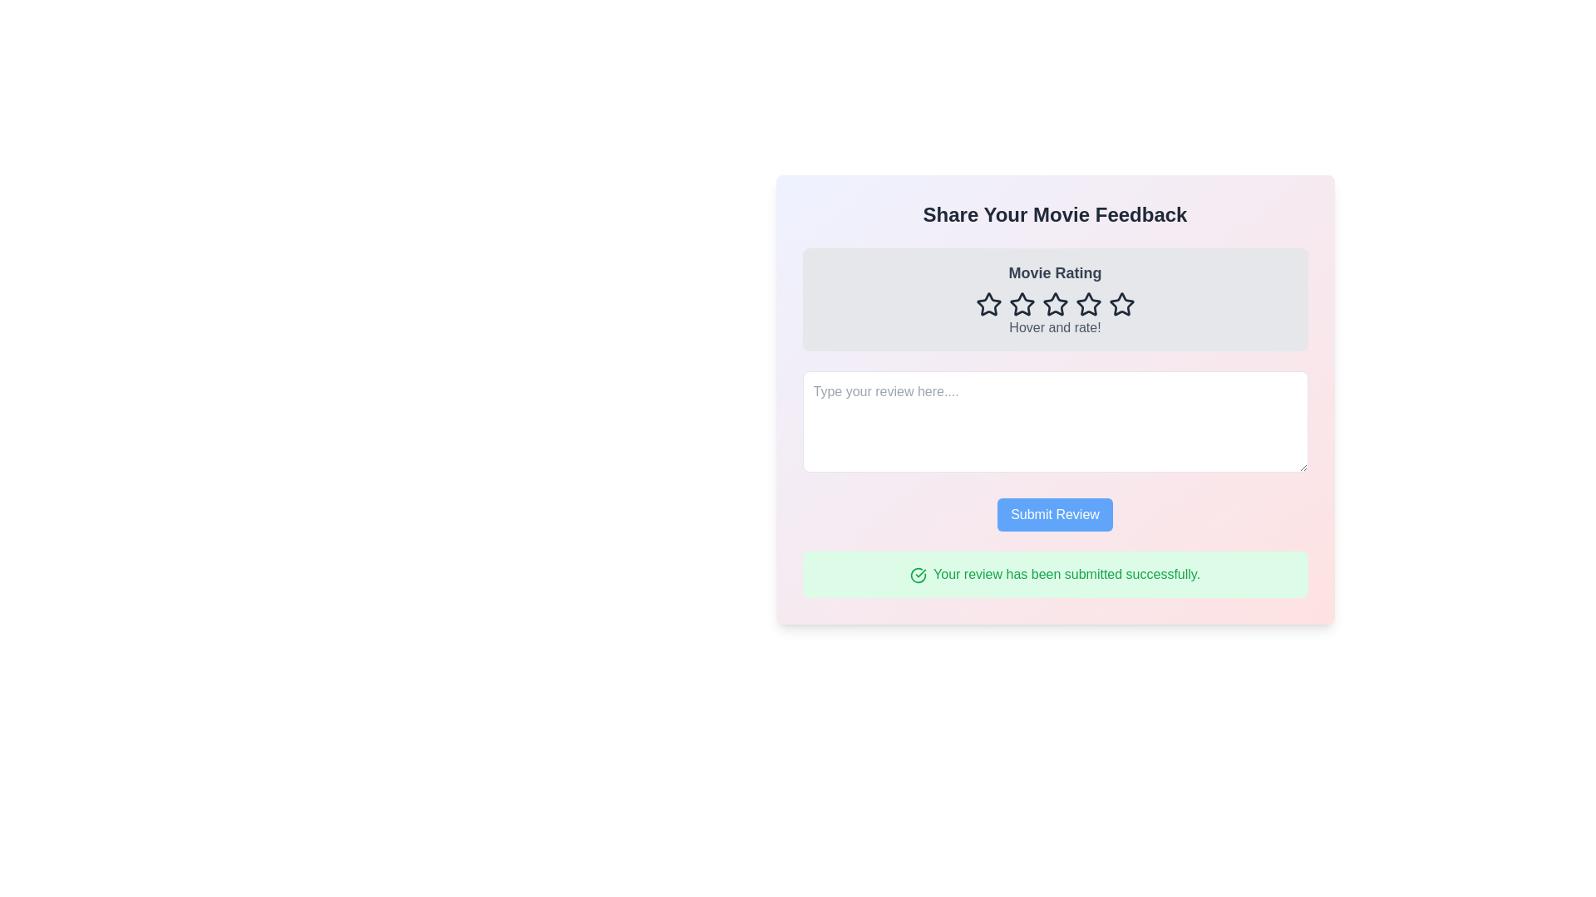 This screenshot has width=1596, height=897. What do you see at coordinates (1088, 304) in the screenshot?
I see `the fourth star icon in the rating star widget located below the 'Movie Rating' heading` at bounding box center [1088, 304].